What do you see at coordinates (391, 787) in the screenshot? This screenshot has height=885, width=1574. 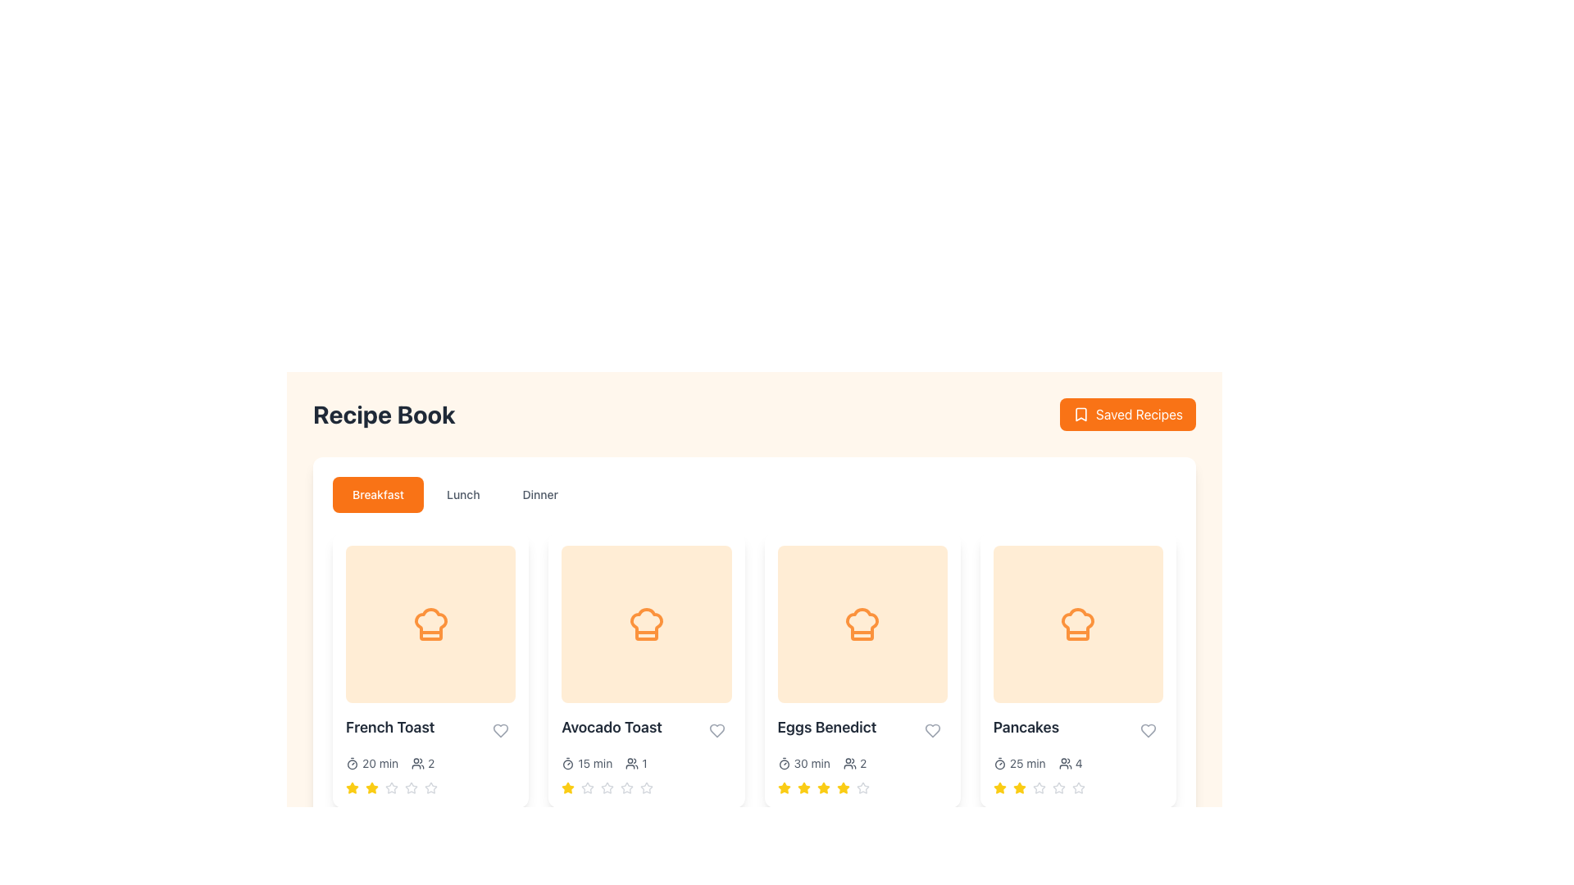 I see `the fourth star icon in the rating component under the 'French Toast' card to assign a rating` at bounding box center [391, 787].